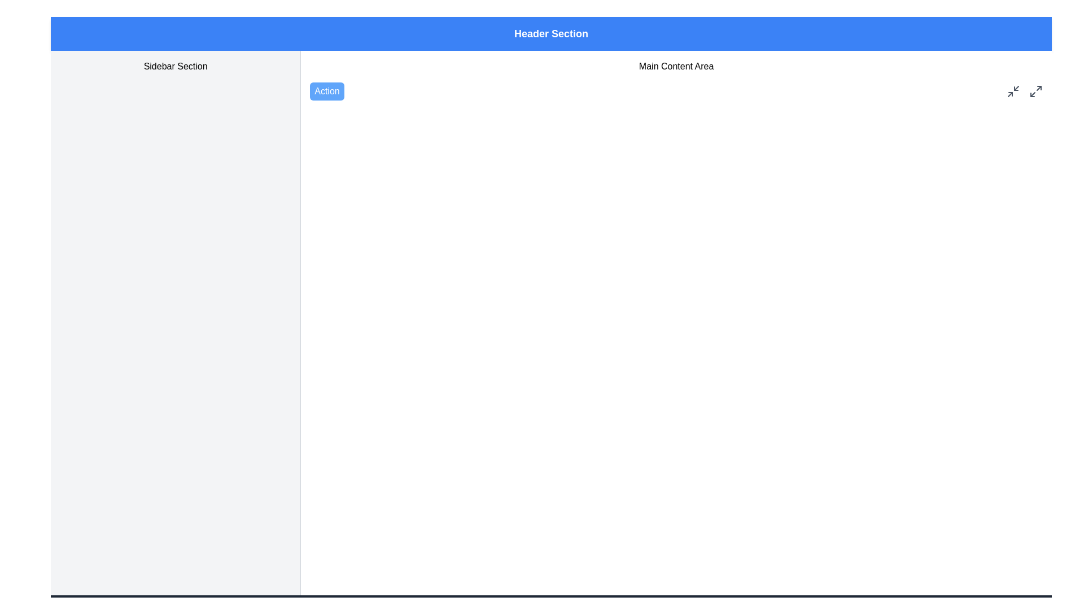 The image size is (1084, 610). Describe the element at coordinates (326, 91) in the screenshot. I see `the interactive button located on the left-hand side of the main content area, near the top of the page, under the header section` at that location.